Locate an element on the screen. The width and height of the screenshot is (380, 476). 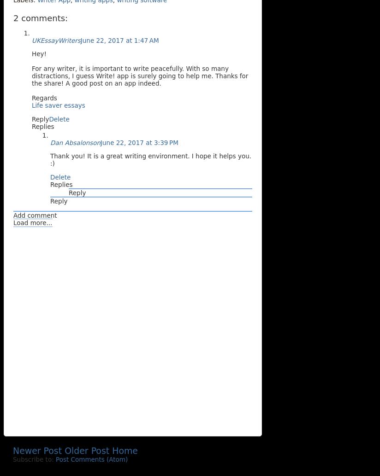
'June 22, 2017 at 3:39 PM' is located at coordinates (138, 141).